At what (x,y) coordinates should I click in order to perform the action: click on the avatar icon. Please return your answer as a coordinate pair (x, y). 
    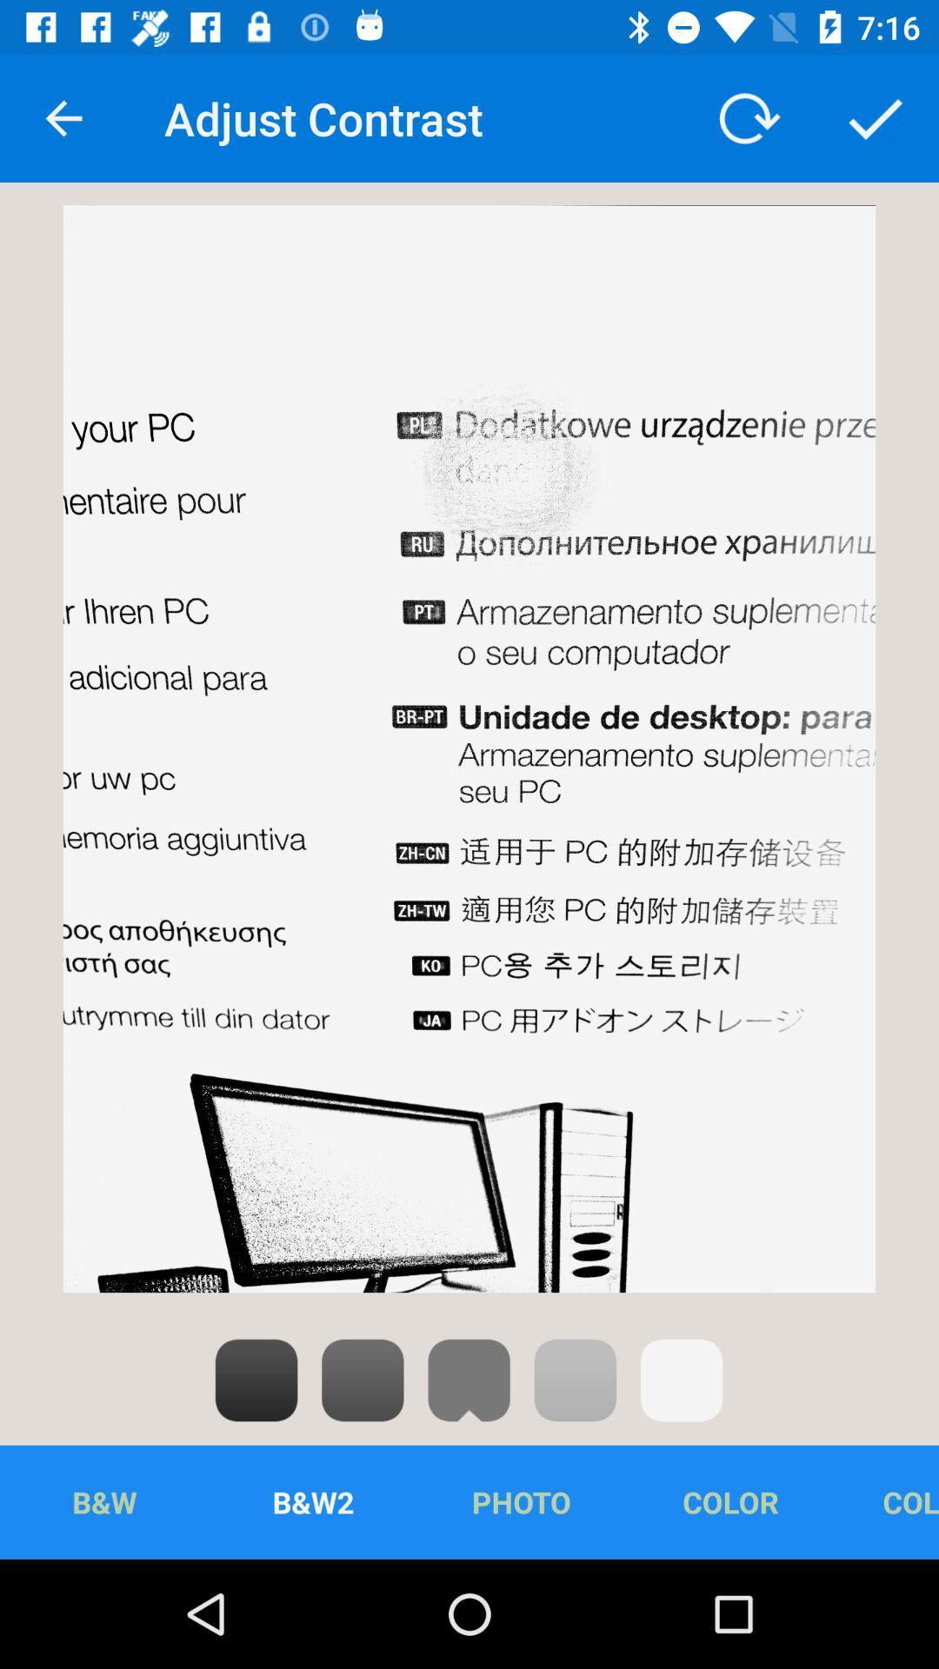
    Looking at the image, I should click on (468, 1380).